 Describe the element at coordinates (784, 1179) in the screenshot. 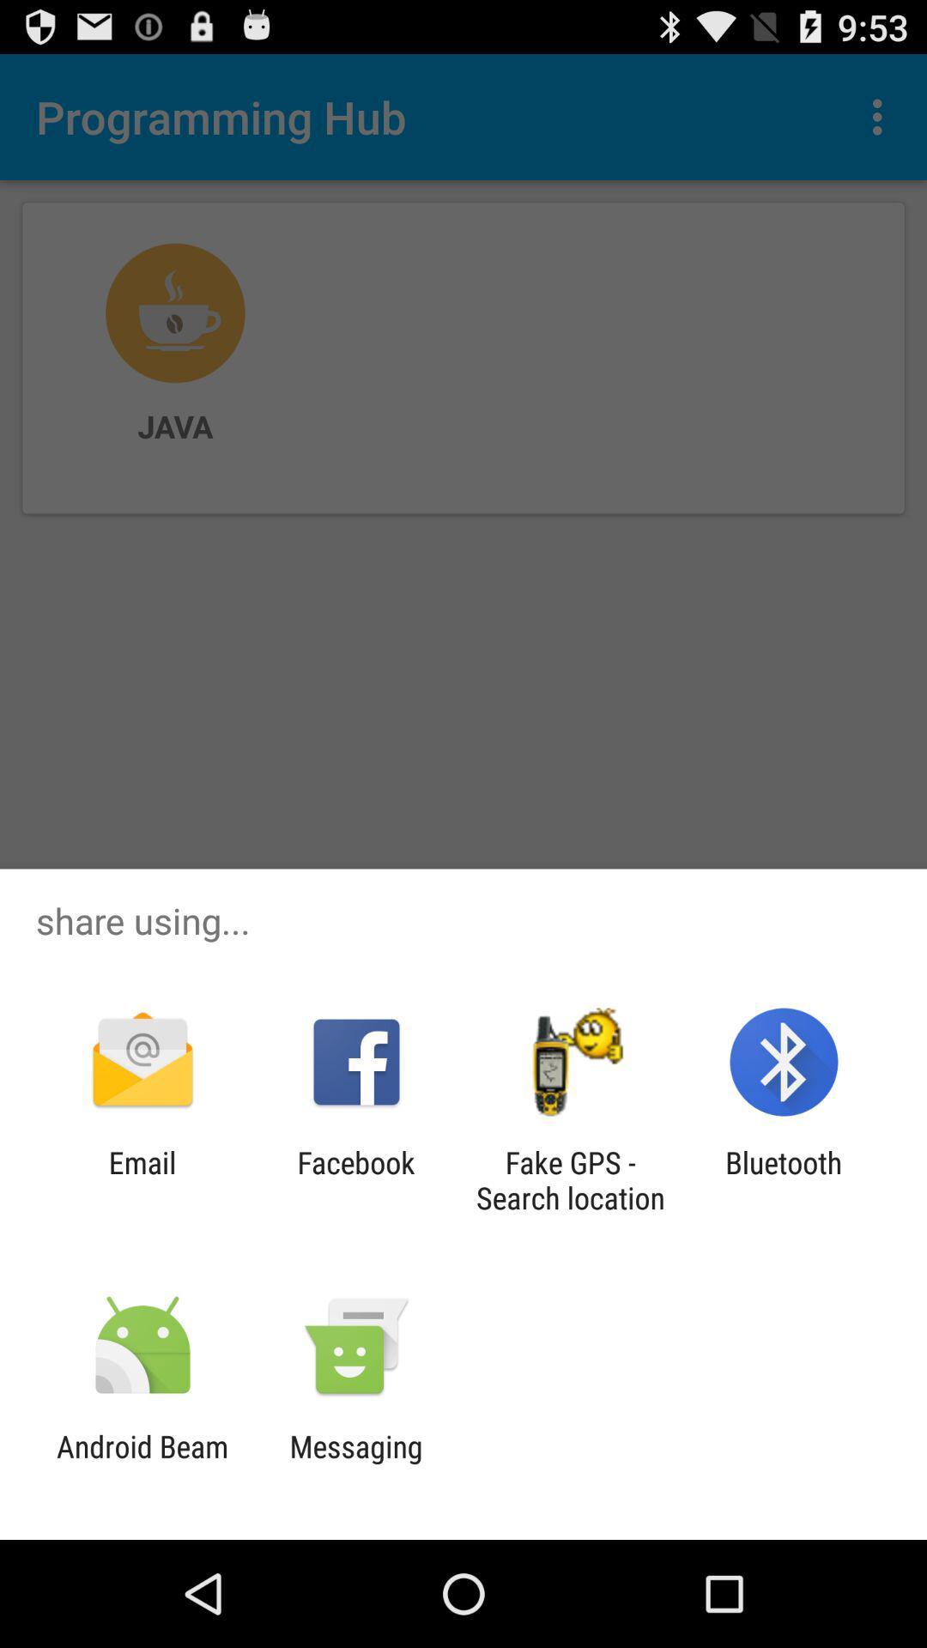

I see `bluetooth app` at that location.